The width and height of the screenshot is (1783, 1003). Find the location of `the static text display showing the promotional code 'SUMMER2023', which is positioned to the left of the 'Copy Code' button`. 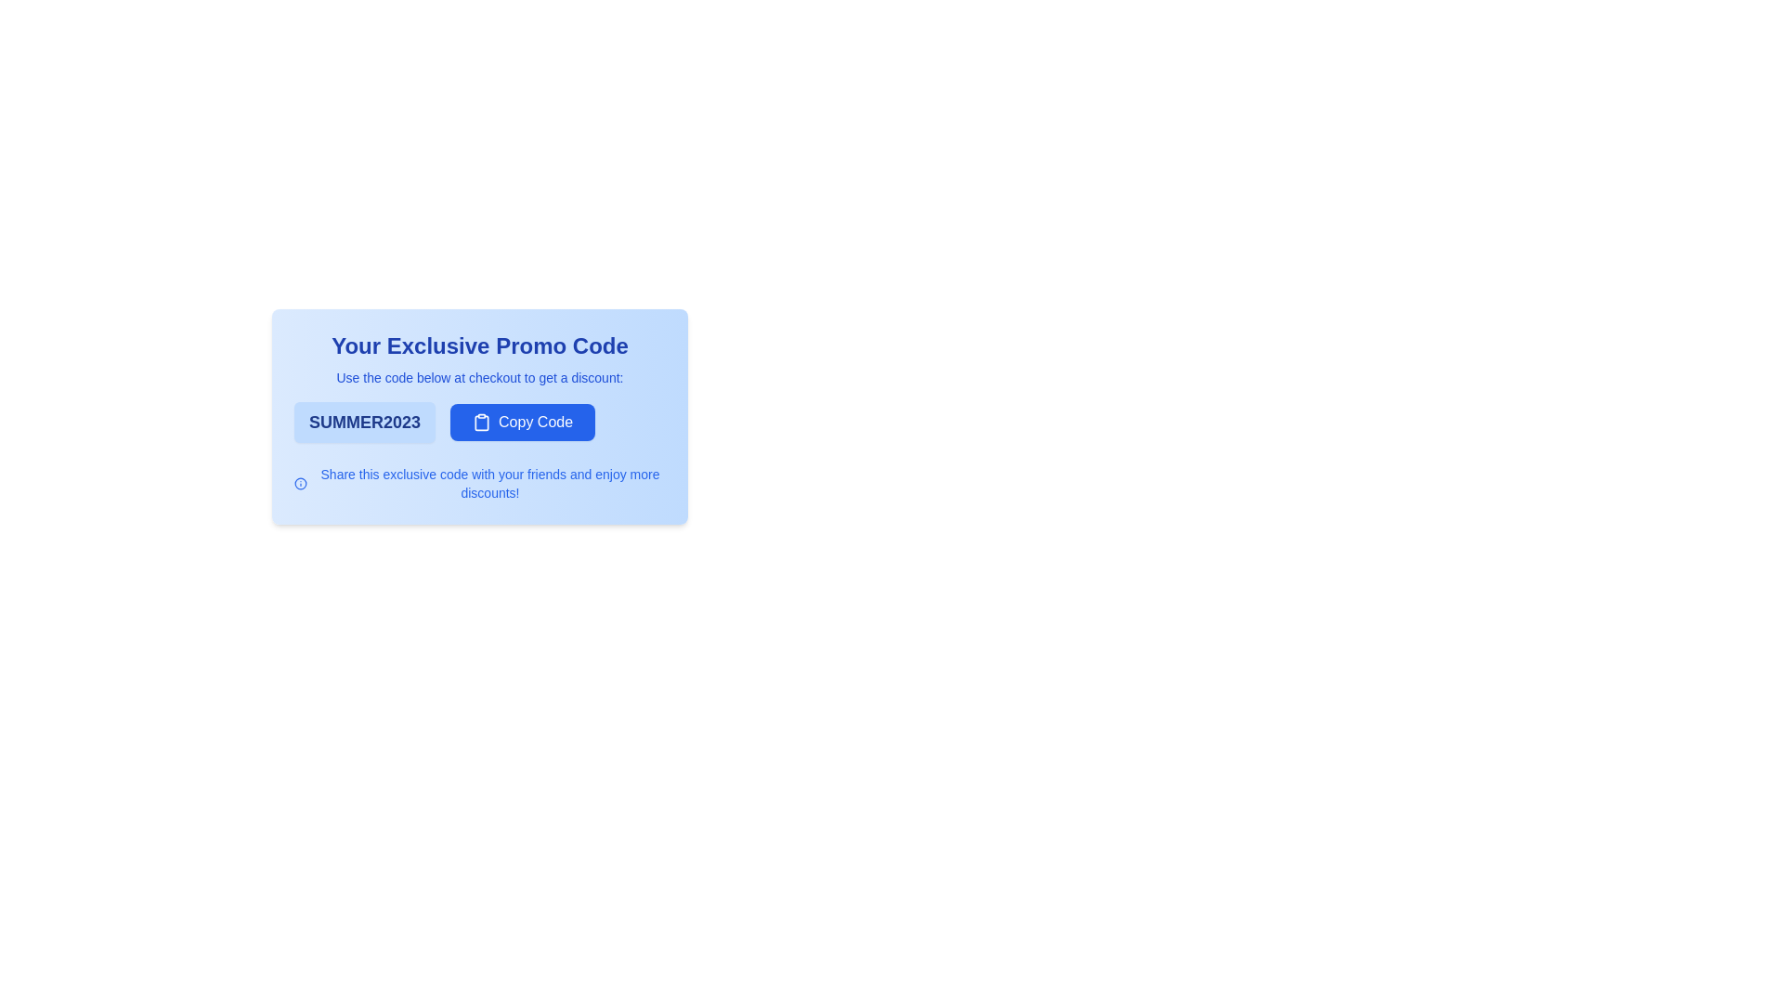

the static text display showing the promotional code 'SUMMER2023', which is positioned to the left of the 'Copy Code' button is located at coordinates (365, 423).